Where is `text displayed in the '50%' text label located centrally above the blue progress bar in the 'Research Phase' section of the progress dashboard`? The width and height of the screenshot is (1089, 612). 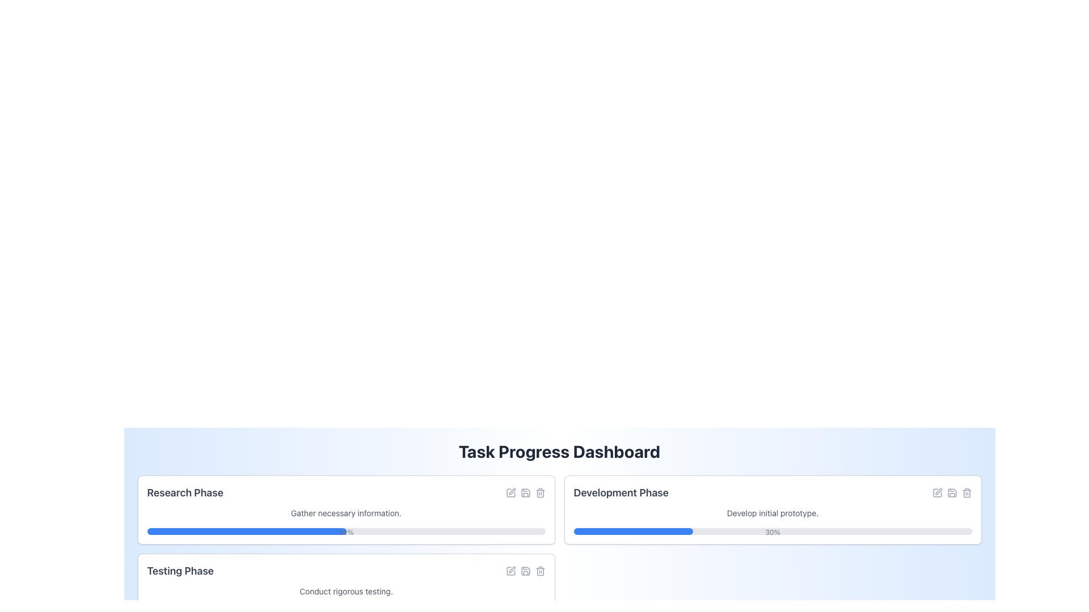 text displayed in the '50%' text label located centrally above the blue progress bar in the 'Research Phase' section of the progress dashboard is located at coordinates (345, 533).